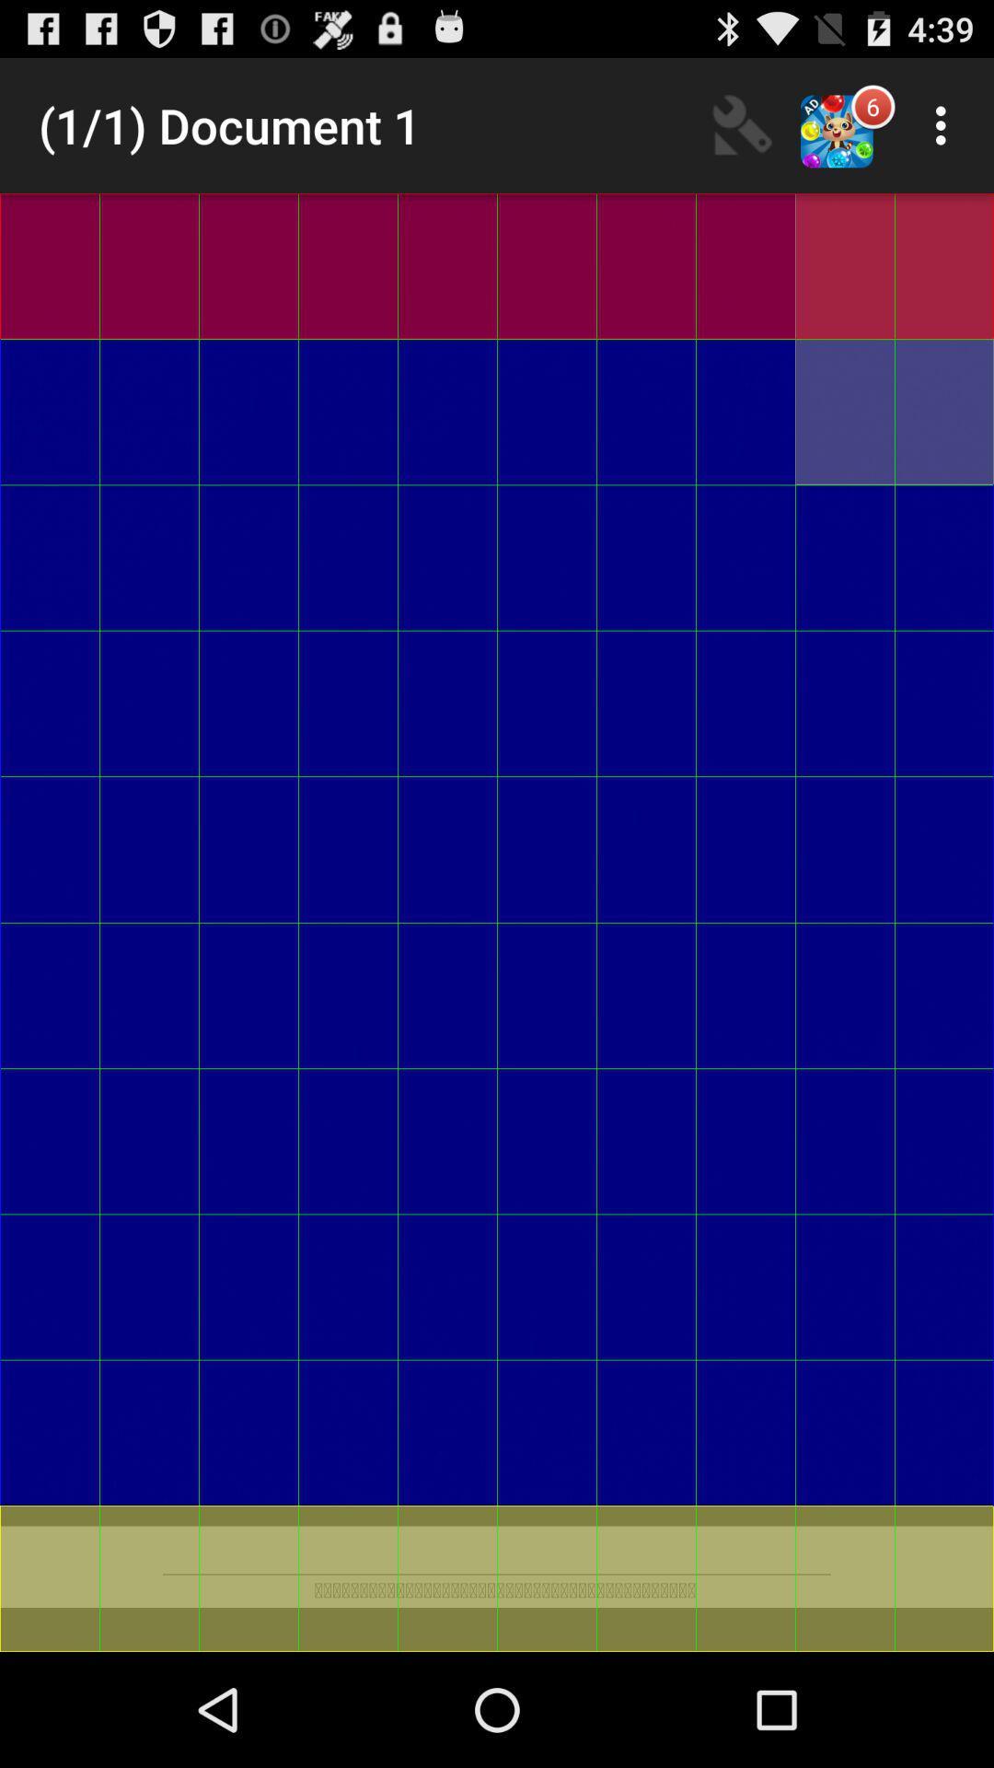 This screenshot has width=994, height=1768. I want to click on the icon next to 1 1 document app, so click(741, 124).